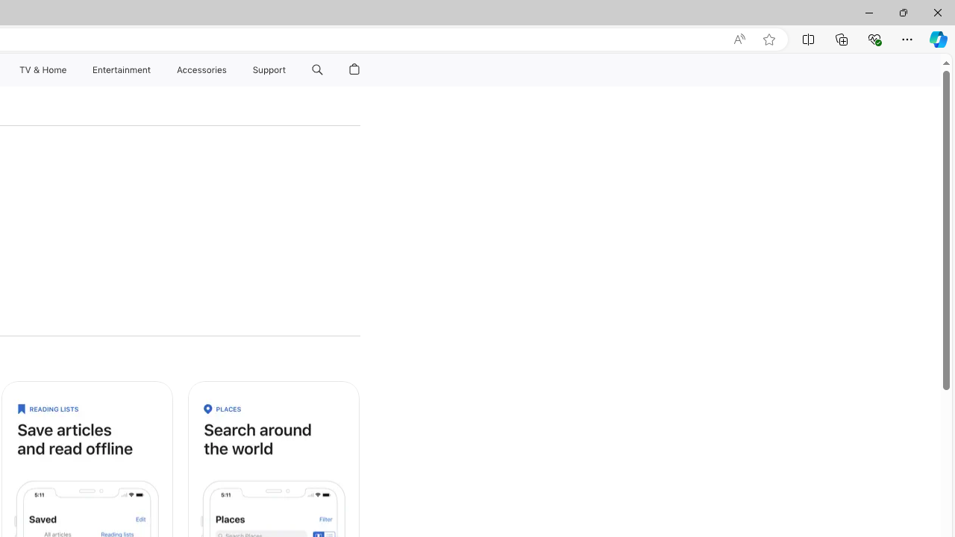 The width and height of the screenshot is (955, 537). What do you see at coordinates (354, 69) in the screenshot?
I see `'Shopping Bag'` at bounding box center [354, 69].